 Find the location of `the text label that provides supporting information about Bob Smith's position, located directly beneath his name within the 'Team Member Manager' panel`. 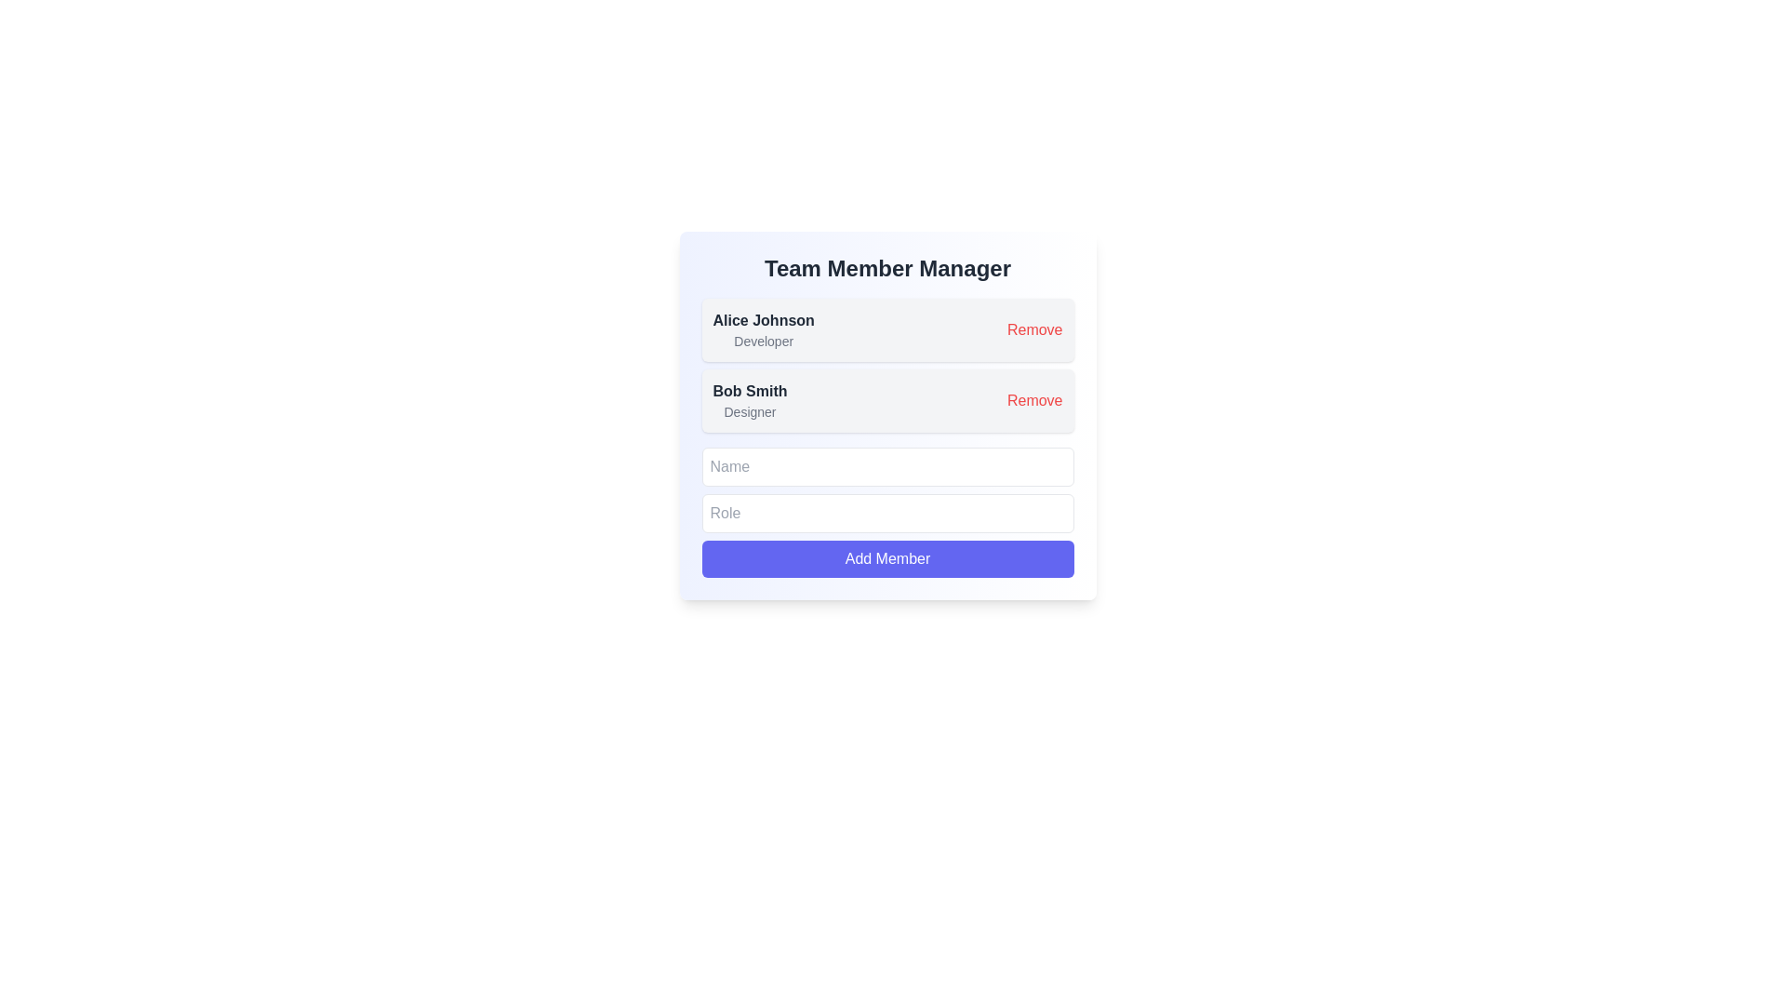

the text label that provides supporting information about Bob Smith's position, located directly beneath his name within the 'Team Member Manager' panel is located at coordinates (750, 411).